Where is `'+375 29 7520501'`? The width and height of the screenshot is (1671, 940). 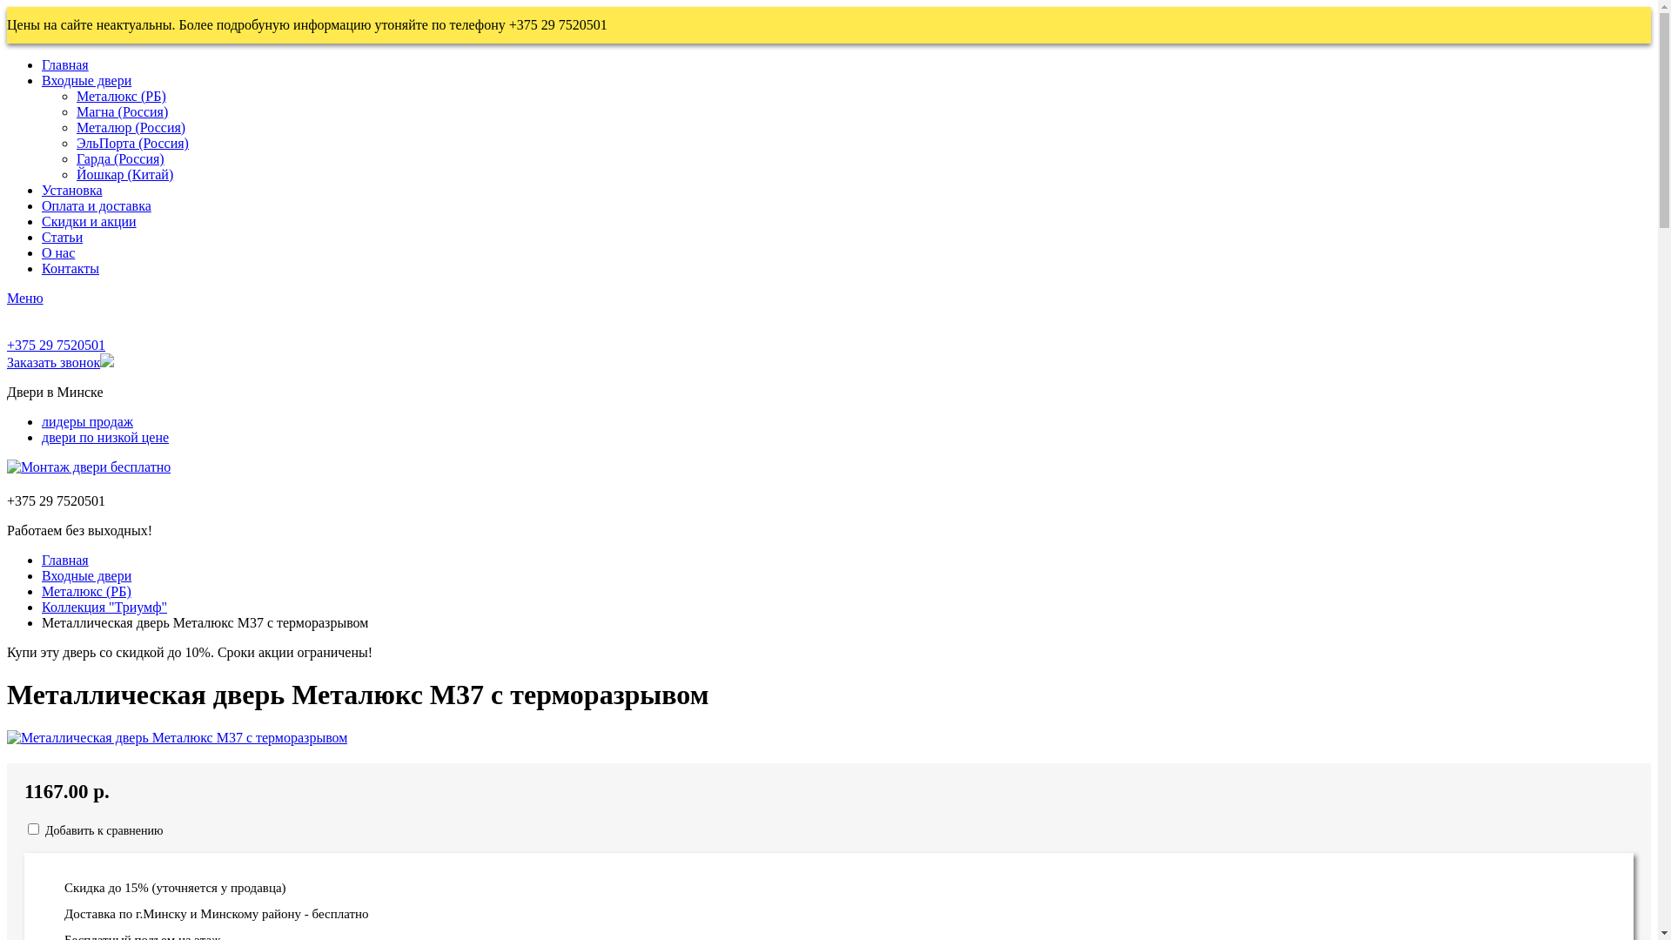 '+375 29 7520501' is located at coordinates (7, 345).